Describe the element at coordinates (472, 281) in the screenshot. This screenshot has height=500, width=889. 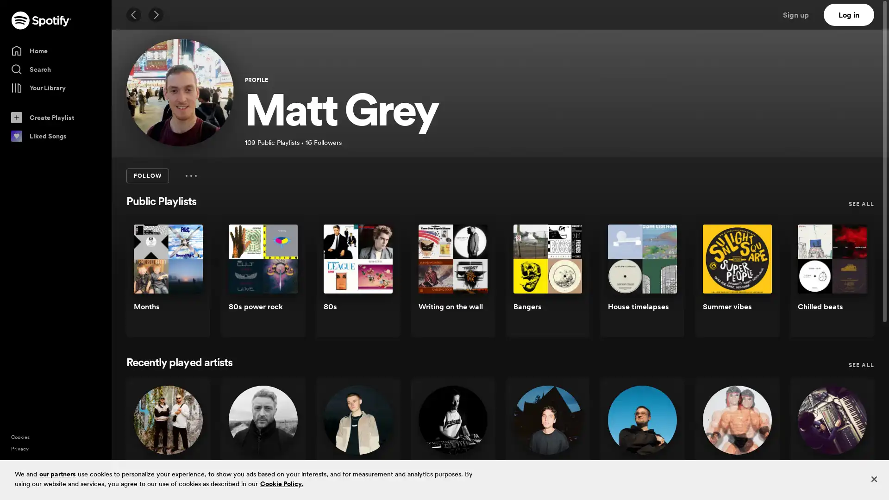
I see `Play Writing on the wall` at that location.